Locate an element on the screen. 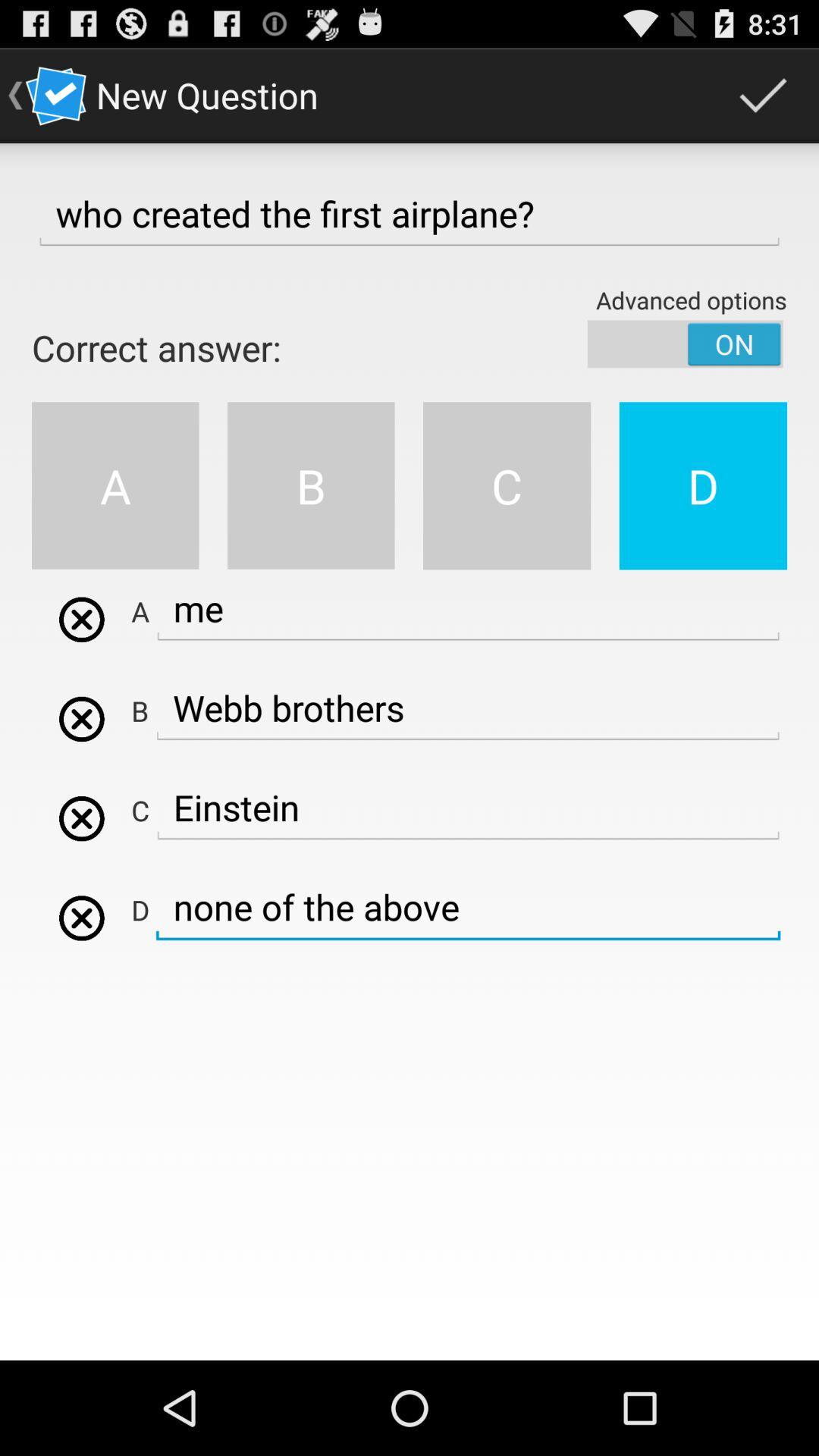 This screenshot has height=1456, width=819. advanced options is located at coordinates (685, 343).